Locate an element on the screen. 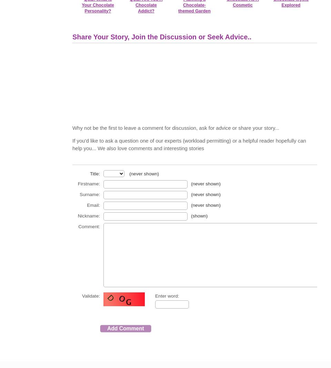 The width and height of the screenshot is (331, 368). 'Surname:' is located at coordinates (89, 194).